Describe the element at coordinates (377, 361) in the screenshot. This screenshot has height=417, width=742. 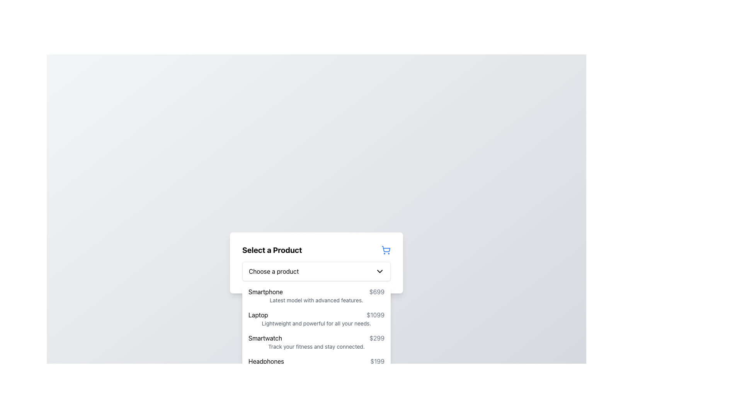
I see `the price text displayed for the 'Headphones' option, which is located in the fourth row of the options list and aligned on the right side` at that location.